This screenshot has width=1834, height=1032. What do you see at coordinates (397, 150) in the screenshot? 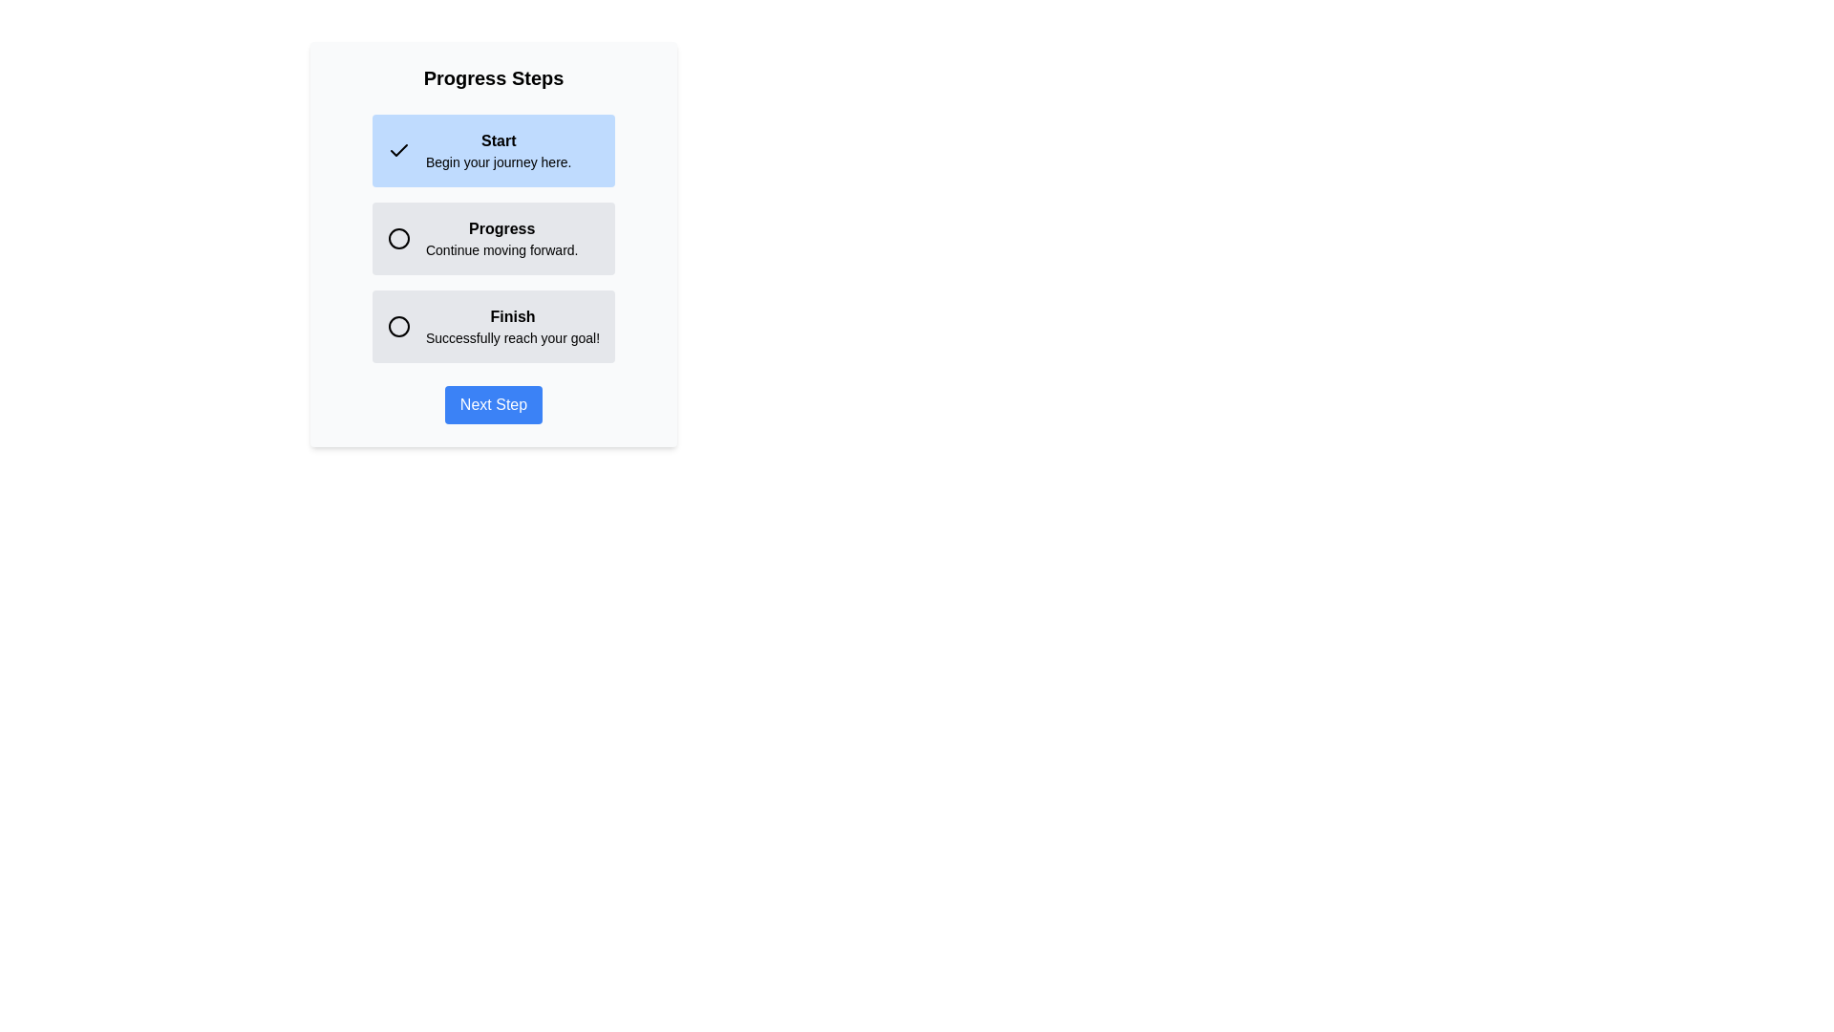
I see `the state of the checkmark icon located inside the blue background box labeled 'Start', which is part of a vertical sequence of progress steps` at bounding box center [397, 150].